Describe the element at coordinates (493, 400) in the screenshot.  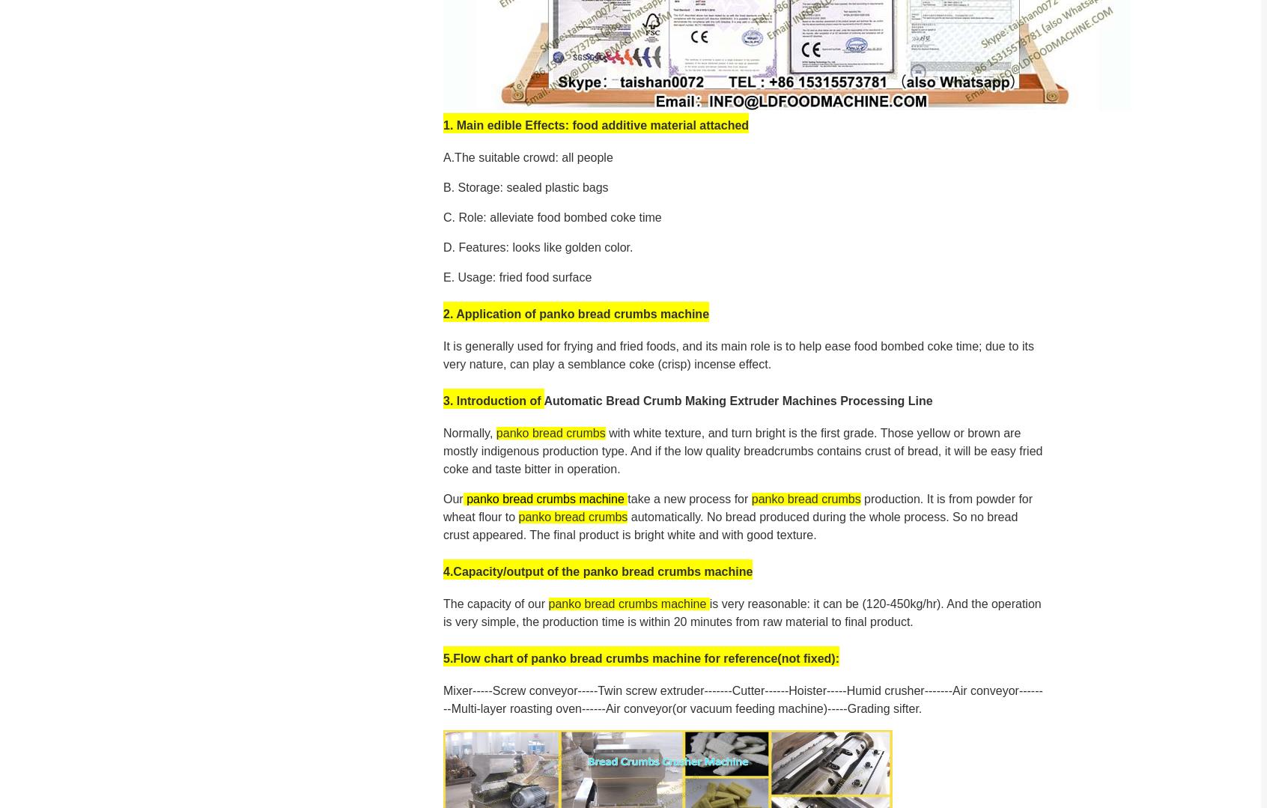
I see `'3. Introduction of'` at that location.